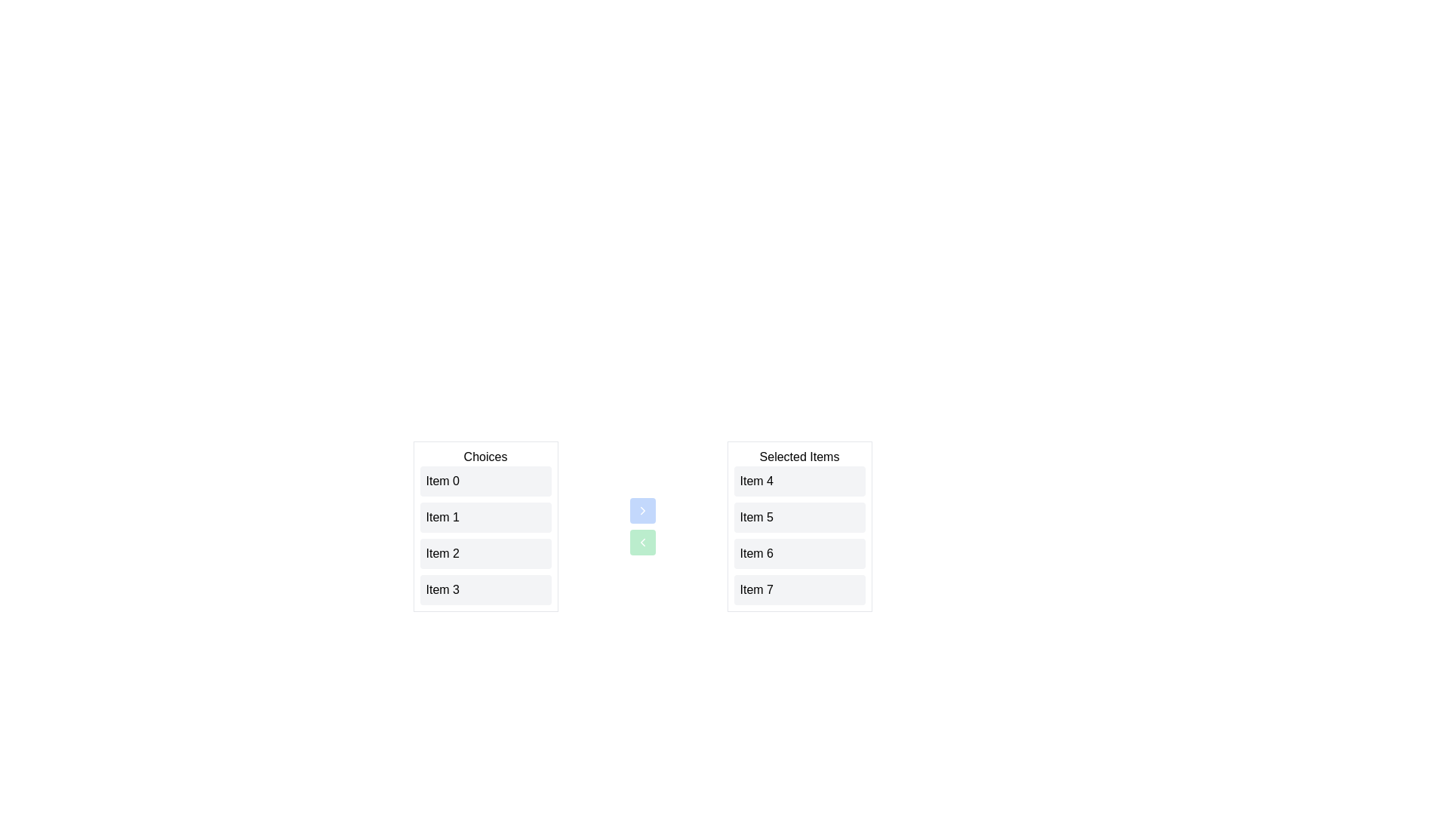 The image size is (1449, 815). Describe the element at coordinates (485, 553) in the screenshot. I see `the third item in the 'Choices' list` at that location.